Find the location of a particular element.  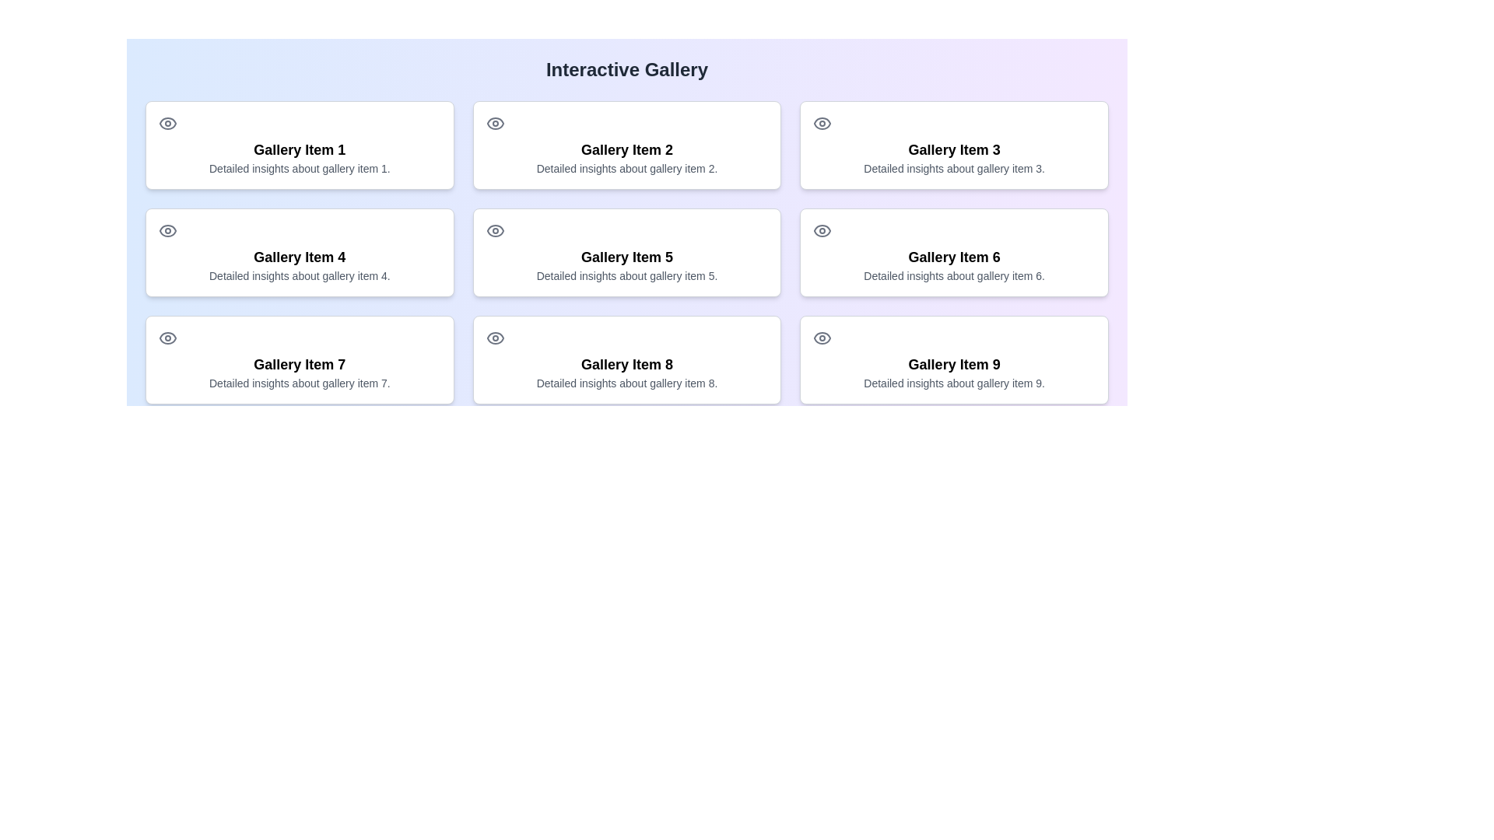

text label that provides detailed insights about 'Gallery Item 1', which is styled in a small gray font and located below the title of the item is located at coordinates (300, 168).